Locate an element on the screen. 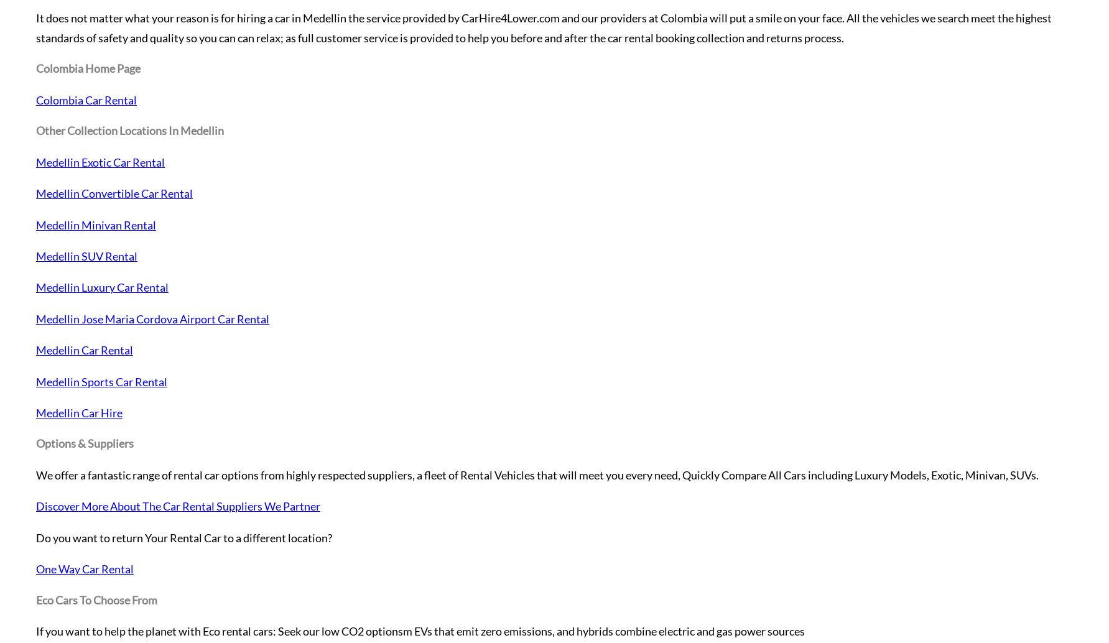 The width and height of the screenshot is (1109, 643). 'Options & Suppliers' is located at coordinates (84, 443).